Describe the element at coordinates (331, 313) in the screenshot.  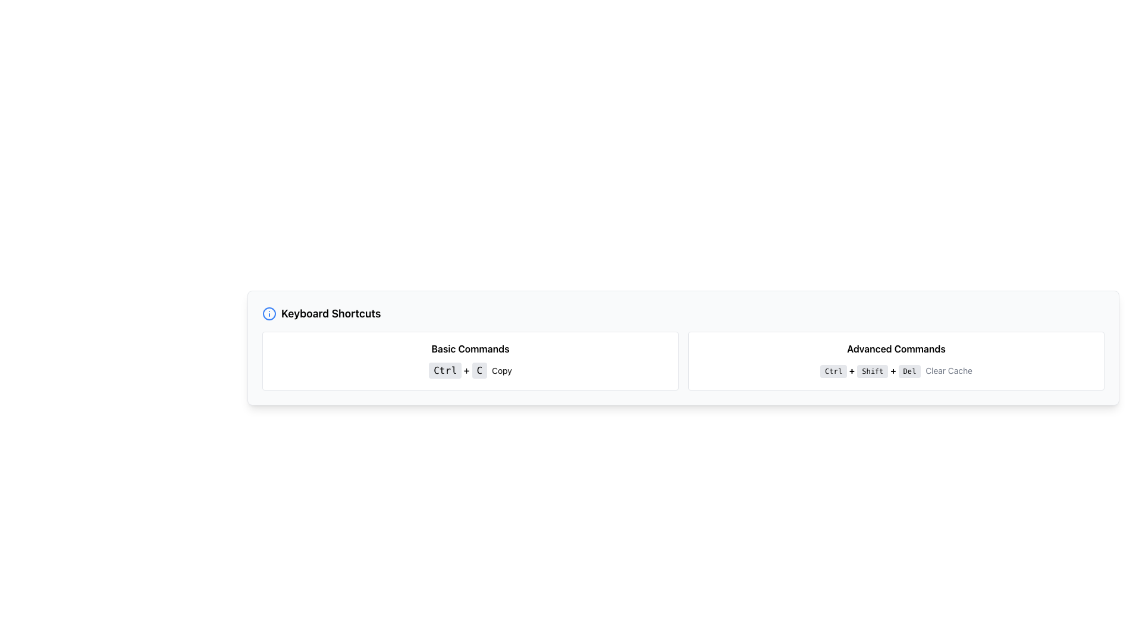
I see `the Text Label that serves as a title or header for the content below it to focus on it` at that location.